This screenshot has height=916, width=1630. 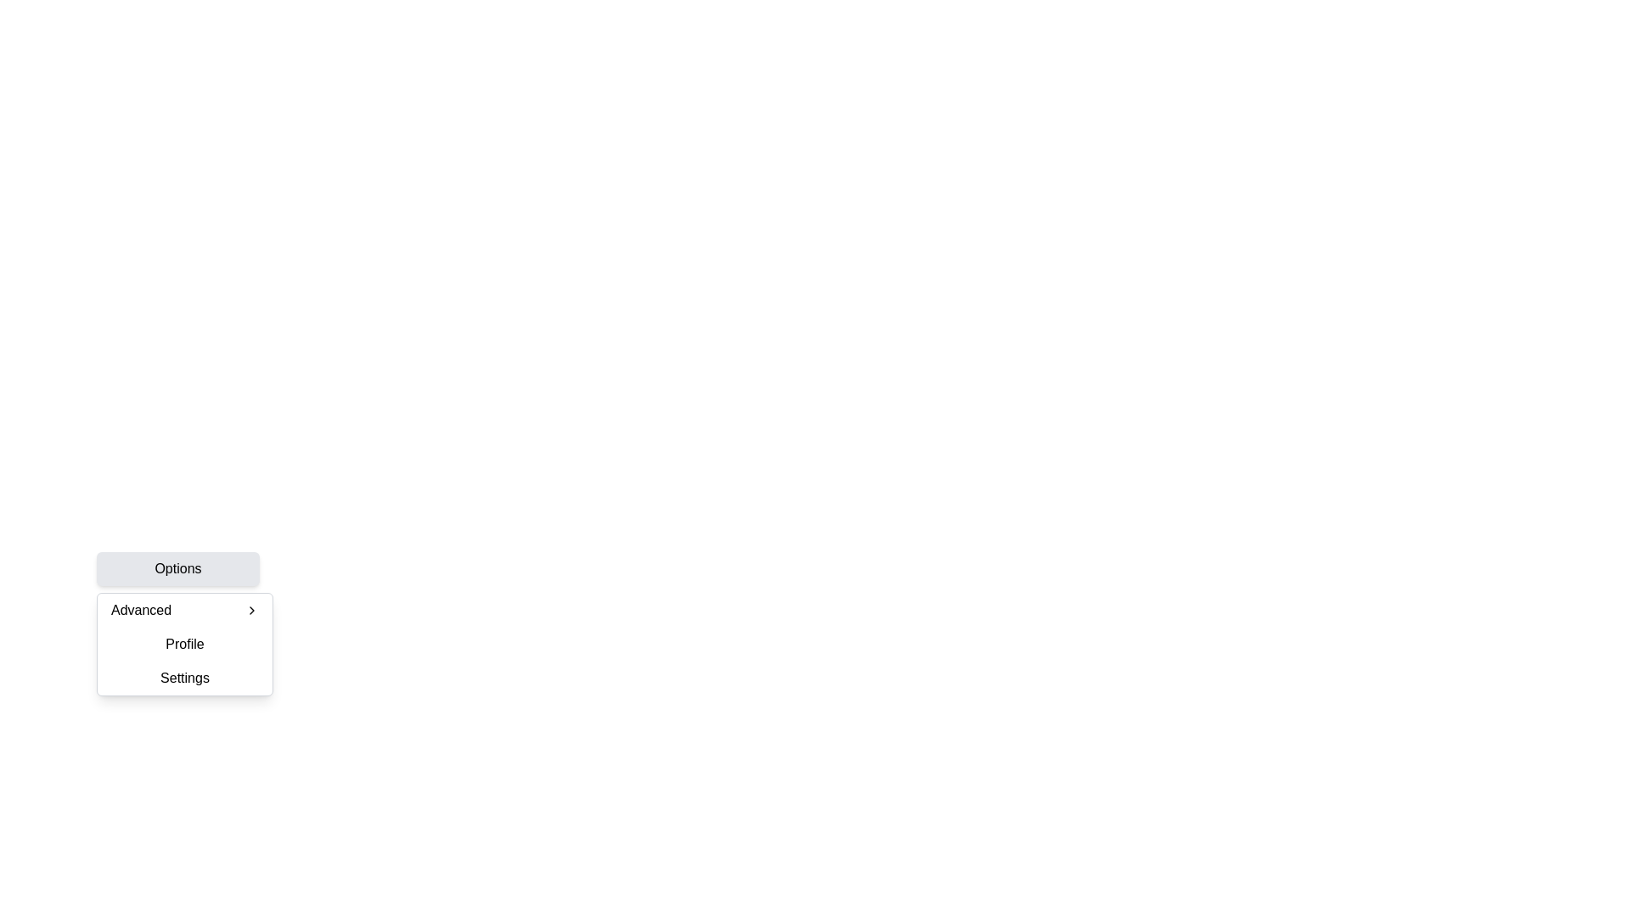 What do you see at coordinates (251, 611) in the screenshot?
I see `the right-pointing chevron icon located inside the dropdown menu under the 'Advanced' item` at bounding box center [251, 611].